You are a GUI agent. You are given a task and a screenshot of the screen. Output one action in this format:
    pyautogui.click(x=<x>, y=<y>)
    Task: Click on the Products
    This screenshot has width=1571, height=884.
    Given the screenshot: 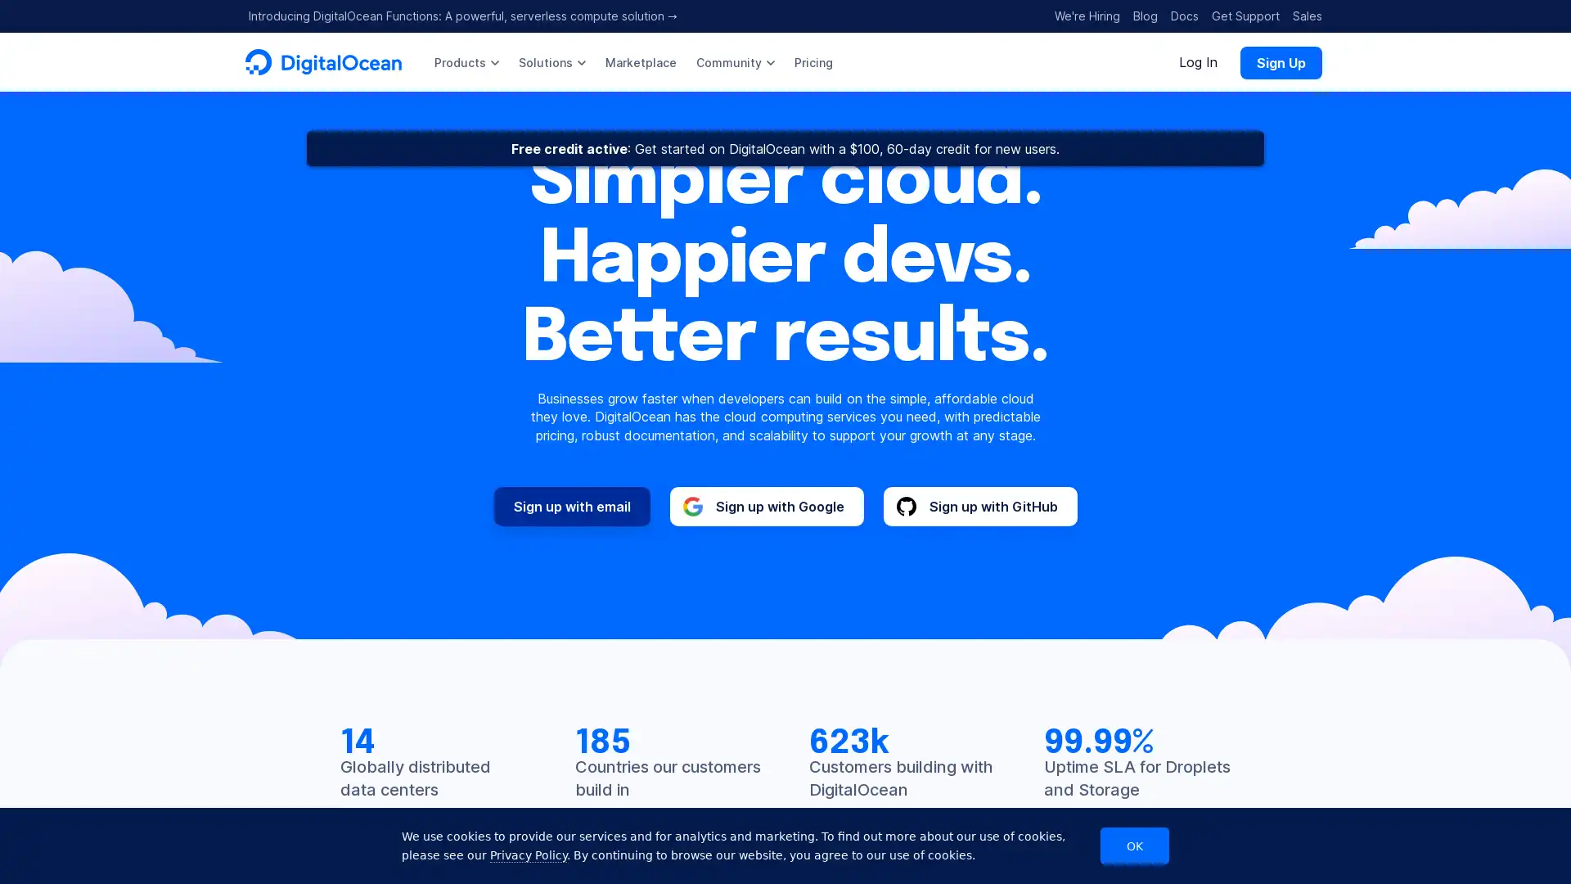 What is the action you would take?
    pyautogui.click(x=466, y=61)
    